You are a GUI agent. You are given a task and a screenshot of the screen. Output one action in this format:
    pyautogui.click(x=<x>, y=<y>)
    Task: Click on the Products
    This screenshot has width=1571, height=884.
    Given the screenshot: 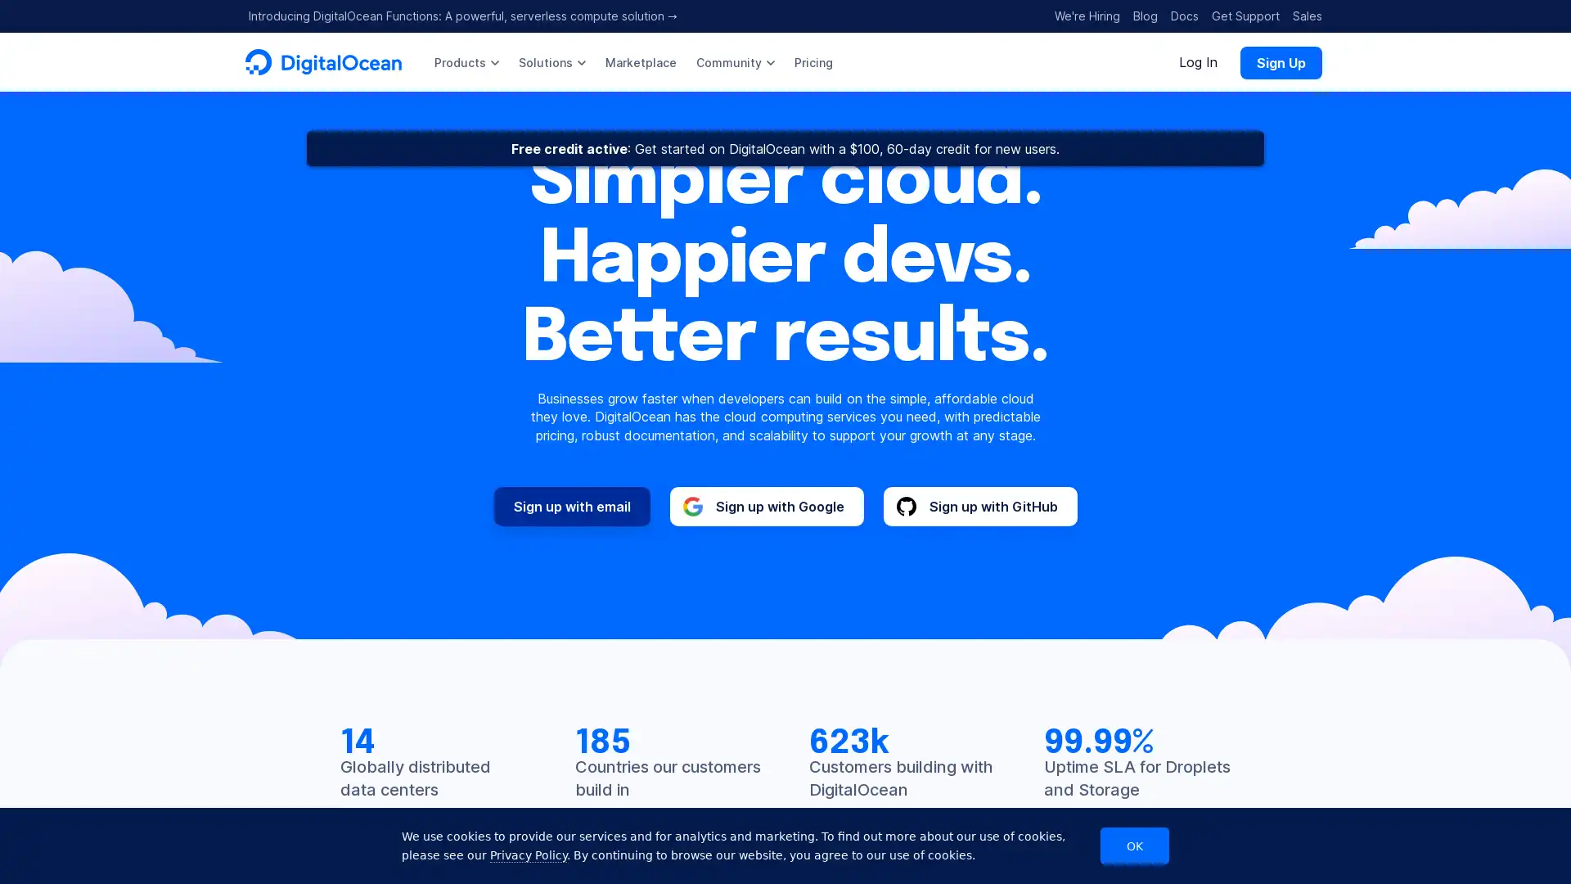 What is the action you would take?
    pyautogui.click(x=466, y=61)
    